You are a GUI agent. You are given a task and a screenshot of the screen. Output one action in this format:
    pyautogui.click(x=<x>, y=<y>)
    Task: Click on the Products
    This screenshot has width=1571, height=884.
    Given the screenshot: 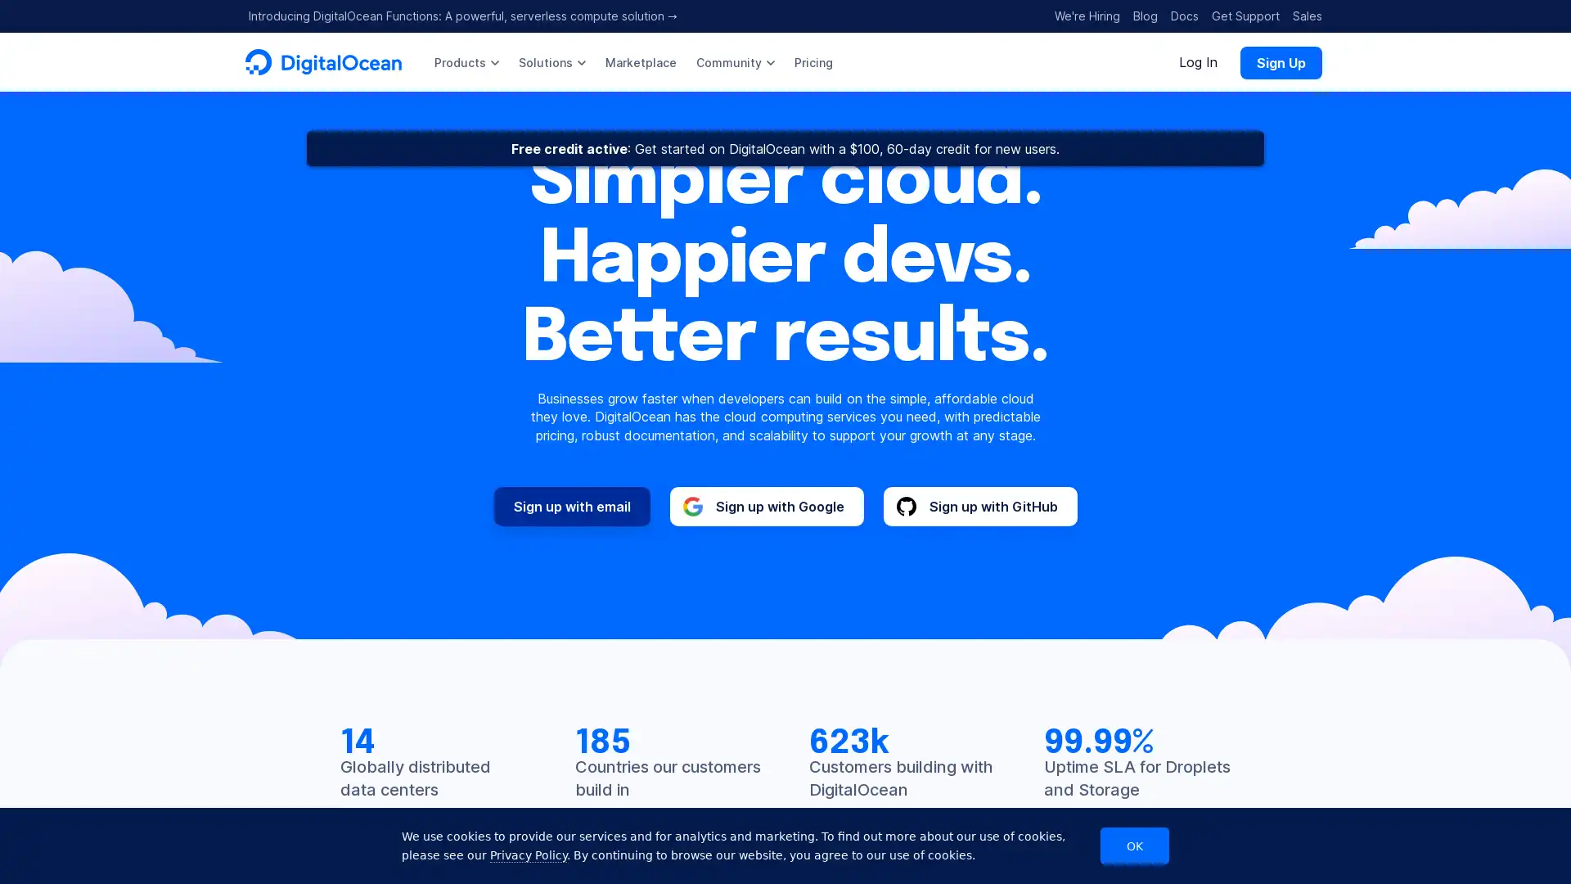 What is the action you would take?
    pyautogui.click(x=466, y=61)
    